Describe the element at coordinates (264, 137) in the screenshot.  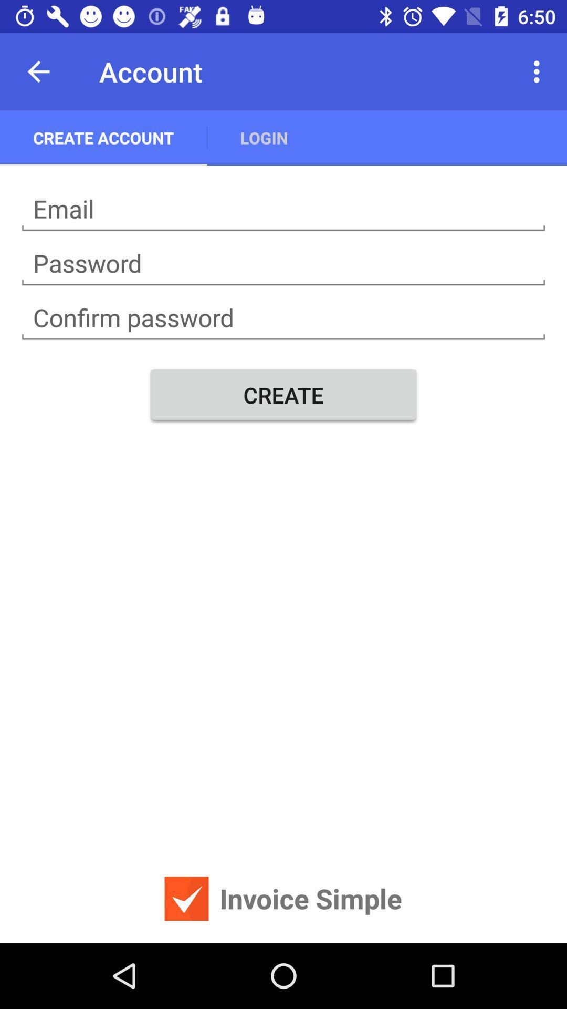
I see `app to the right of the create account` at that location.